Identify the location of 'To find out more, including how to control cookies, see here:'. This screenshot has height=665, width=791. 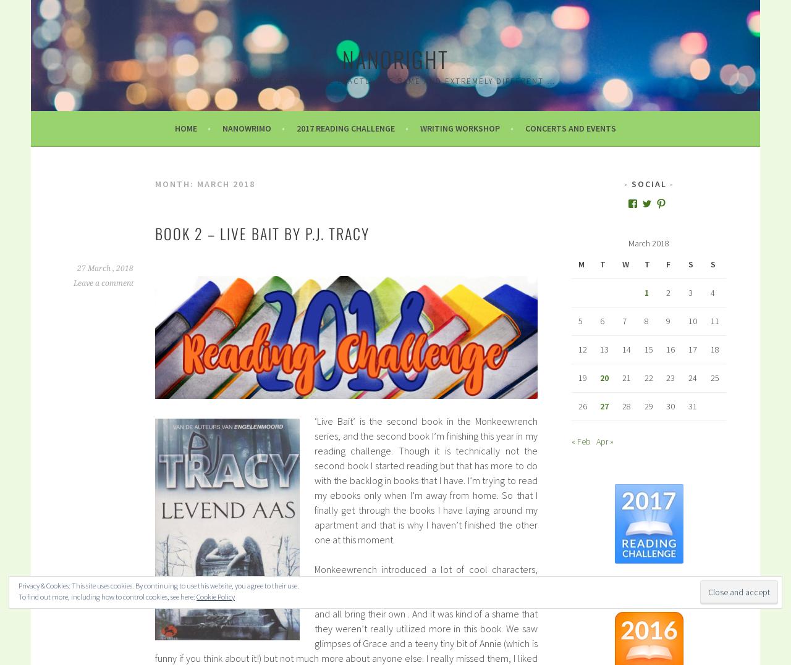
(107, 596).